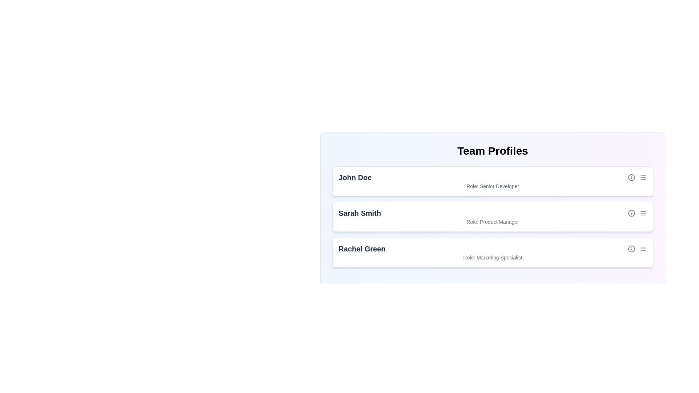 This screenshot has height=393, width=699. What do you see at coordinates (493, 257) in the screenshot?
I see `the text label that displays the role or position of 'Rachel Green', located at the bottom of her card in a vertical list of three cards` at bounding box center [493, 257].